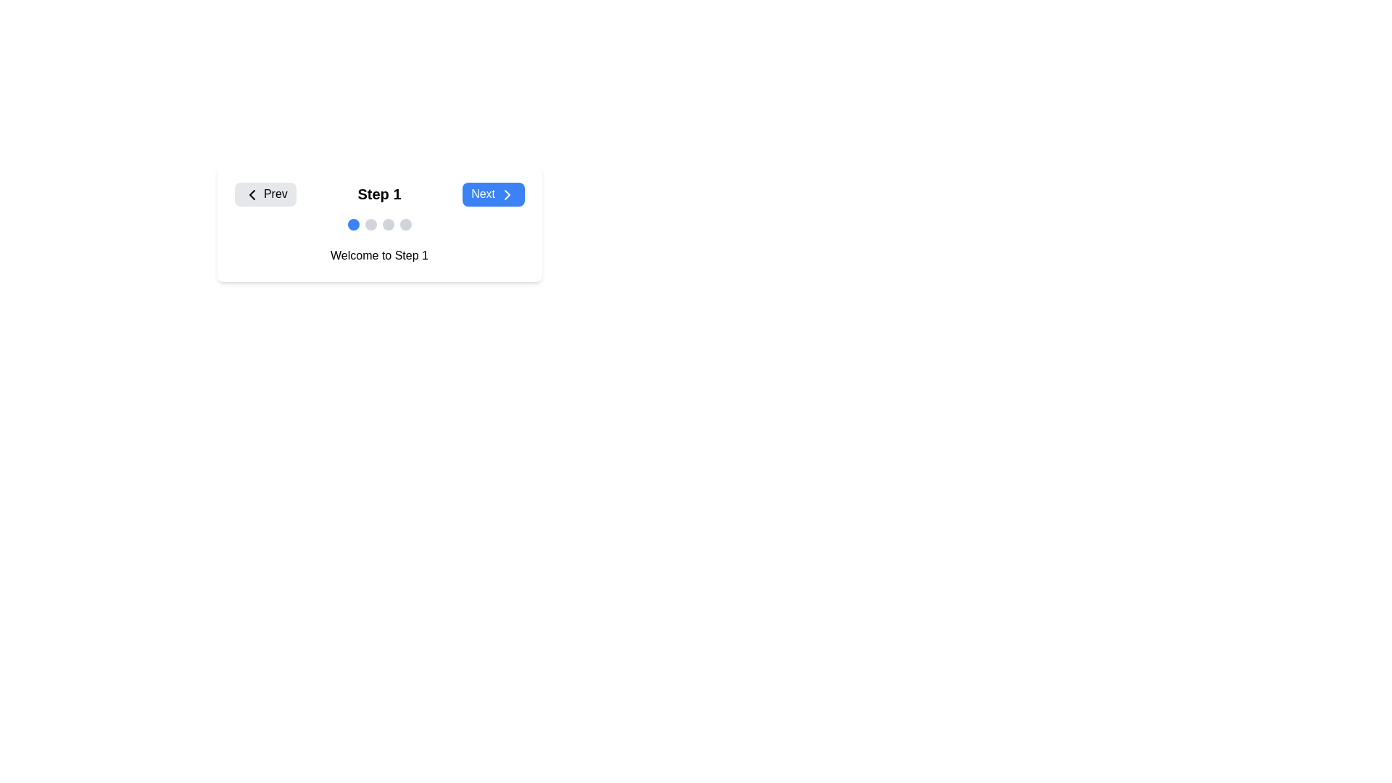  Describe the element at coordinates (379, 194) in the screenshot. I see `the 'Step 1' text label, which is bold and larger than surrounding text` at that location.